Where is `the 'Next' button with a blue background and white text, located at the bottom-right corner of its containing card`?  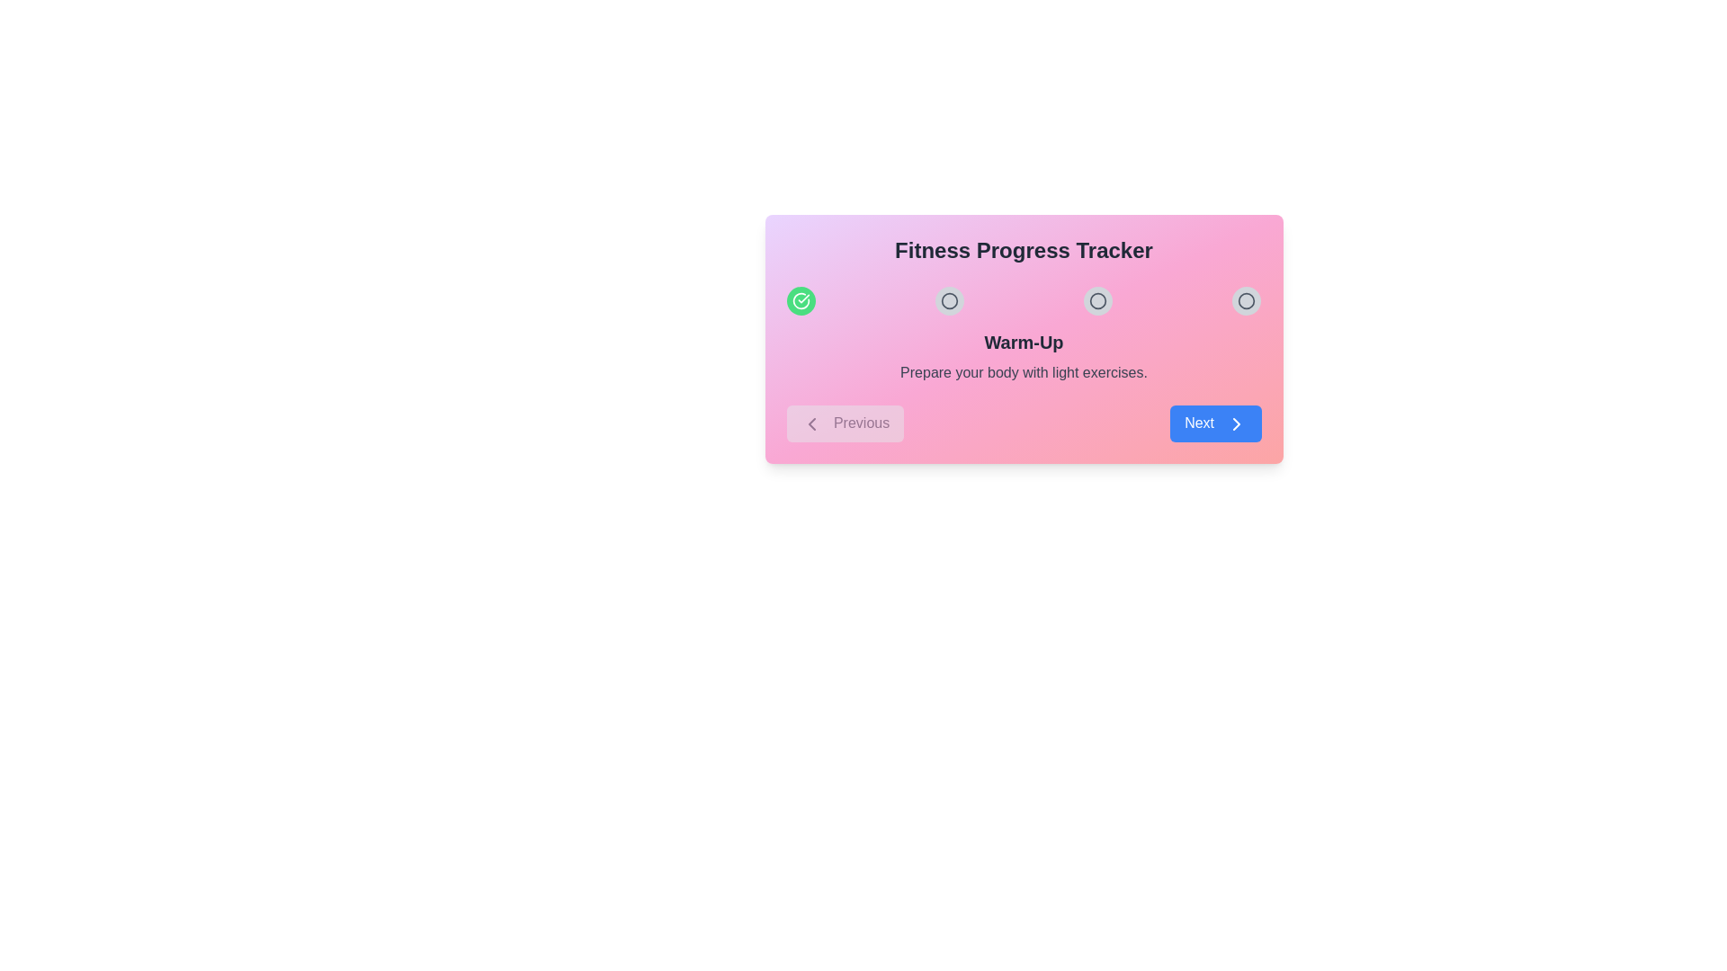 the 'Next' button with a blue background and white text, located at the bottom-right corner of its containing card is located at coordinates (1215, 423).